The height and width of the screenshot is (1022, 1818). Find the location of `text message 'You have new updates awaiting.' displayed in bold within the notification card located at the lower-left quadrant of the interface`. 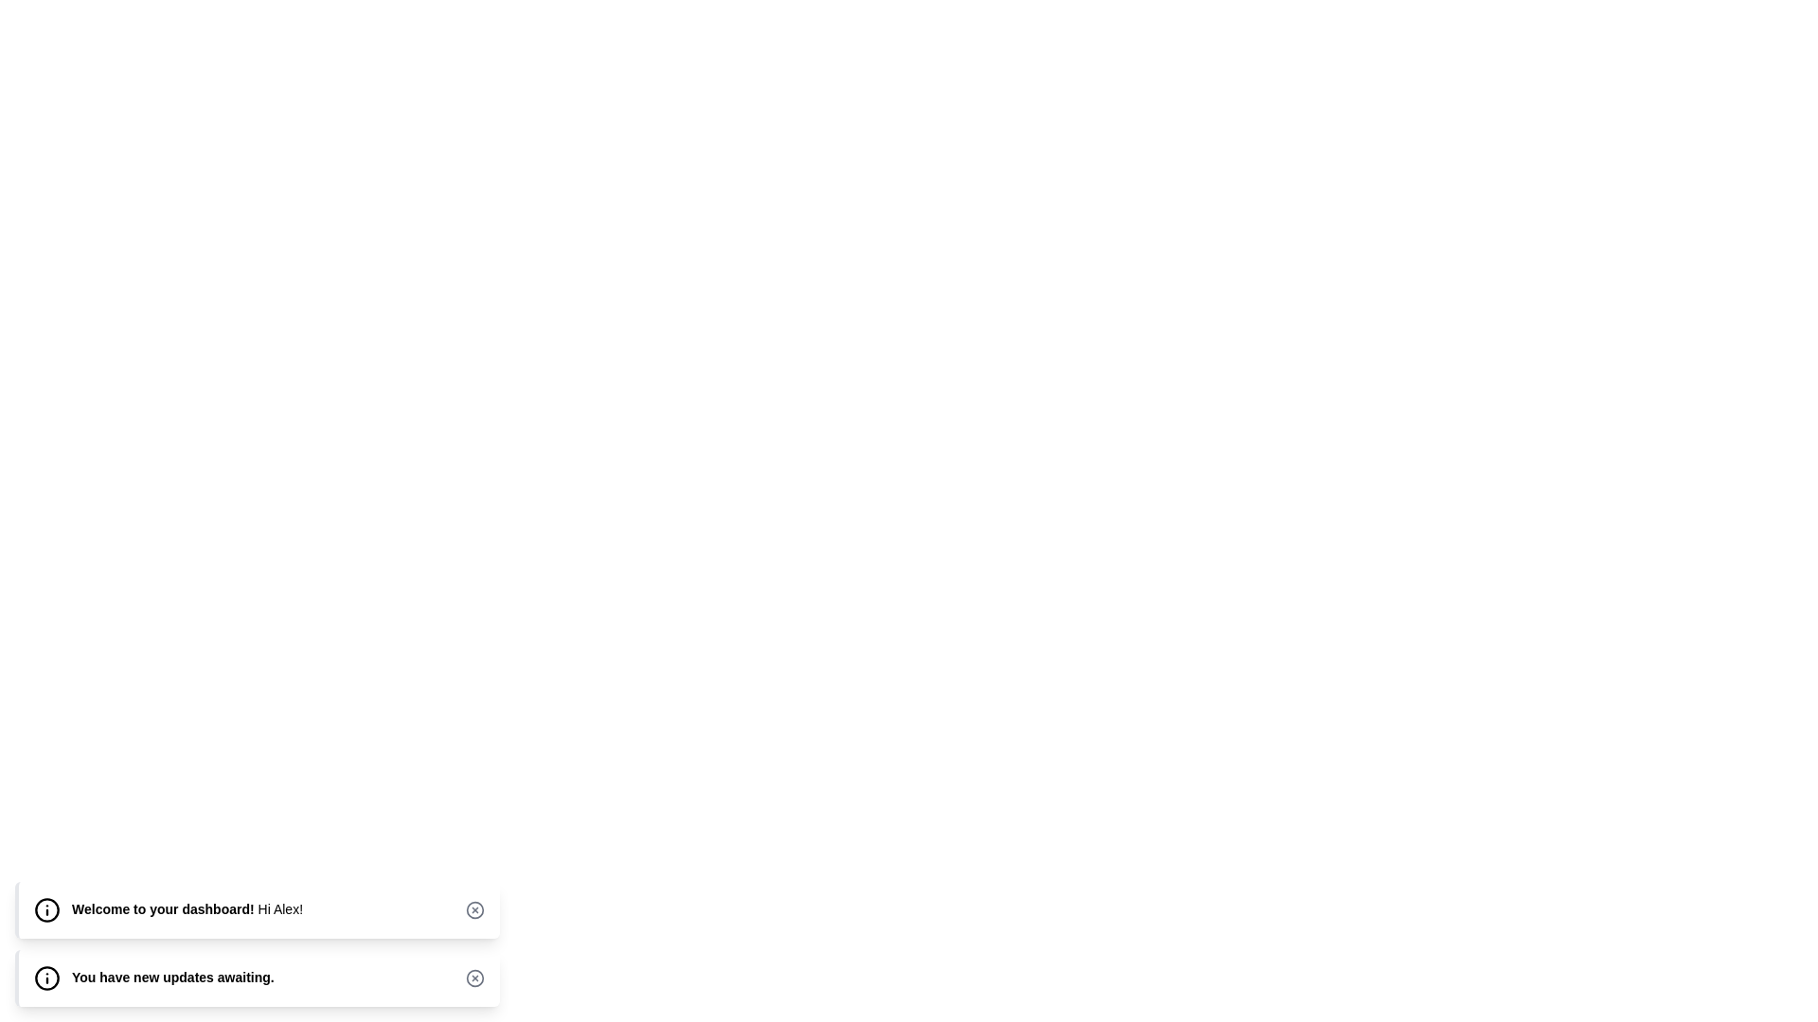

text message 'You have new updates awaiting.' displayed in bold within the notification card located at the lower-left quadrant of the interface is located at coordinates (172, 978).